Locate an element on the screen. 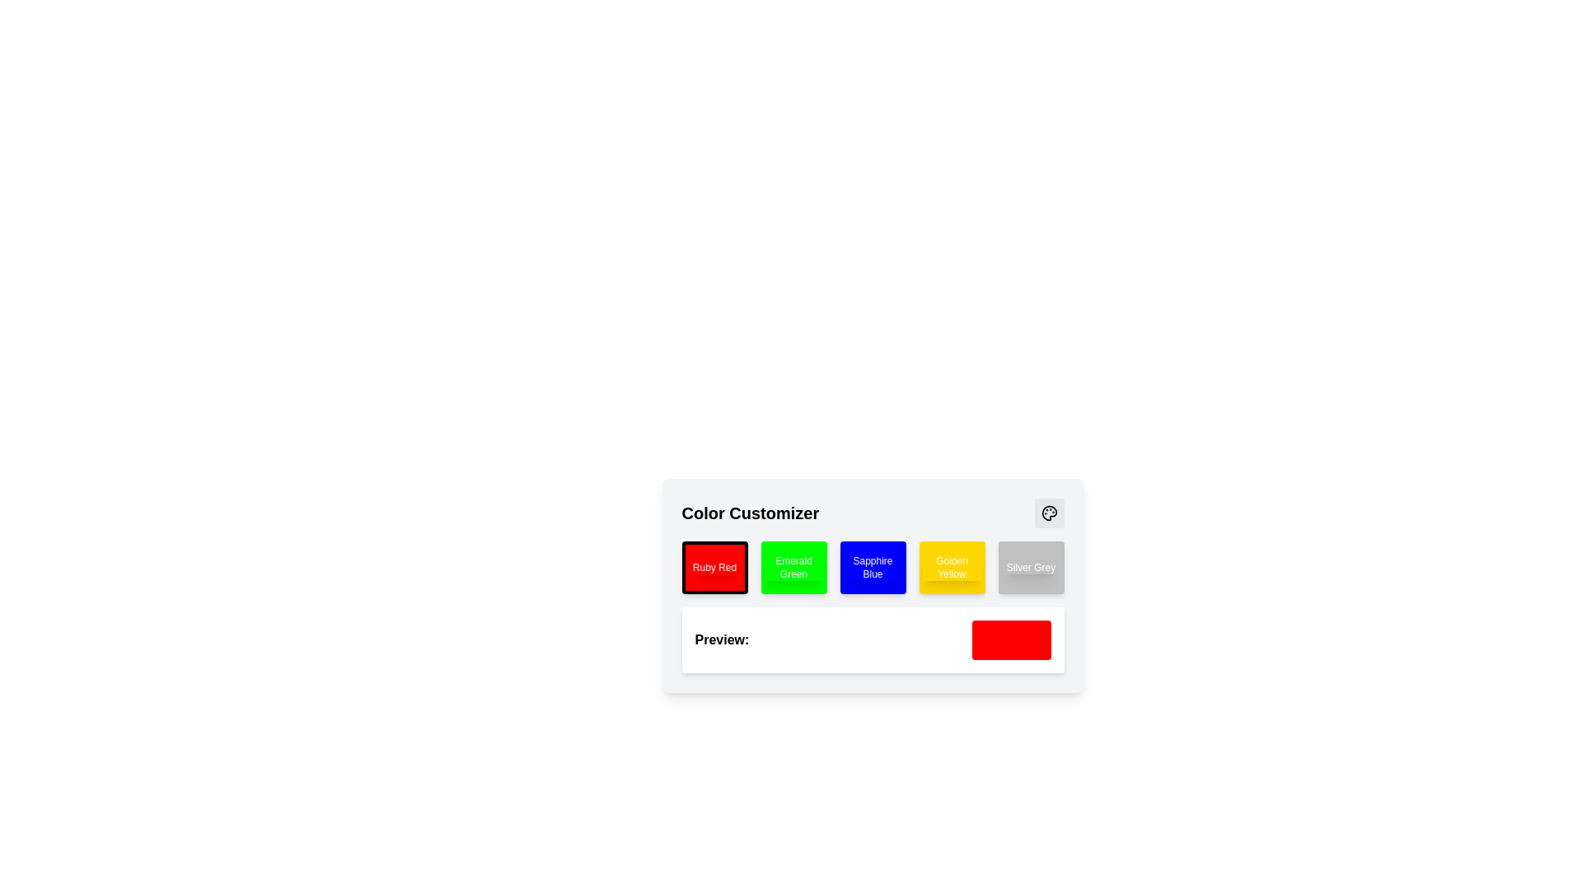 Image resolution: width=1582 pixels, height=890 pixels. the 'Ruby Red' button is located at coordinates (714, 567).